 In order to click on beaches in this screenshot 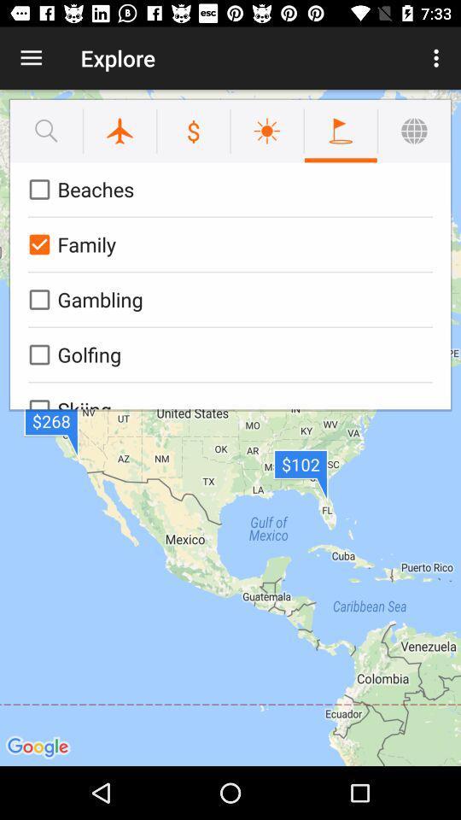, I will do `click(227, 189)`.